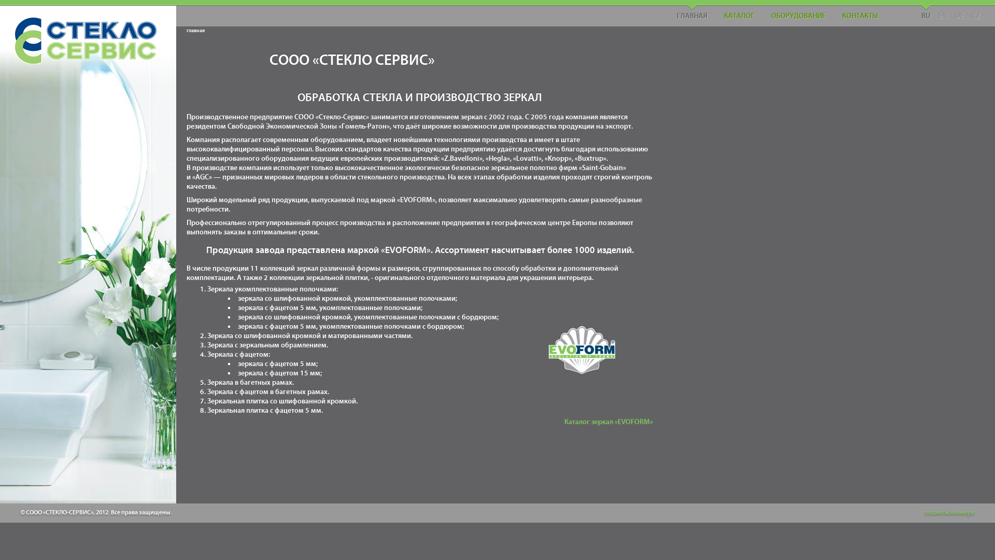 This screenshot has width=995, height=560. I want to click on 'RU', so click(926, 12).